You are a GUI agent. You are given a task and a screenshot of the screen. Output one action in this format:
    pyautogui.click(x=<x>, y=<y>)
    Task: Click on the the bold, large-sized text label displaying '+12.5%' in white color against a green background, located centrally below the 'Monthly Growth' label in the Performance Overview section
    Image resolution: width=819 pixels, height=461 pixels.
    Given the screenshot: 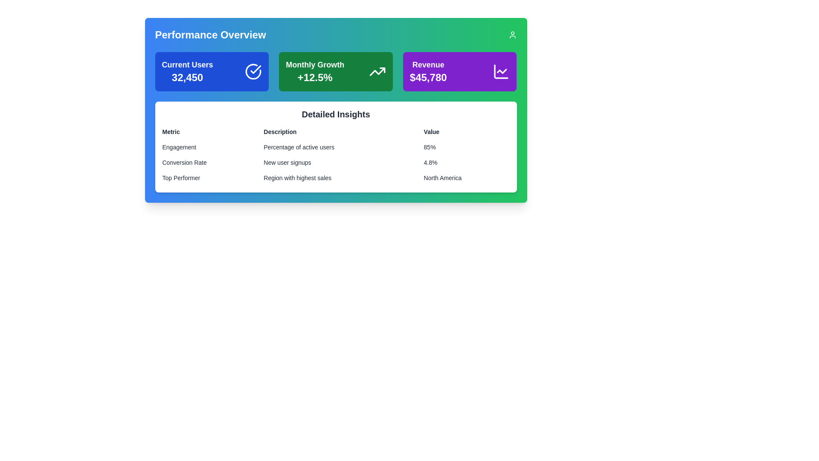 What is the action you would take?
    pyautogui.click(x=314, y=77)
    